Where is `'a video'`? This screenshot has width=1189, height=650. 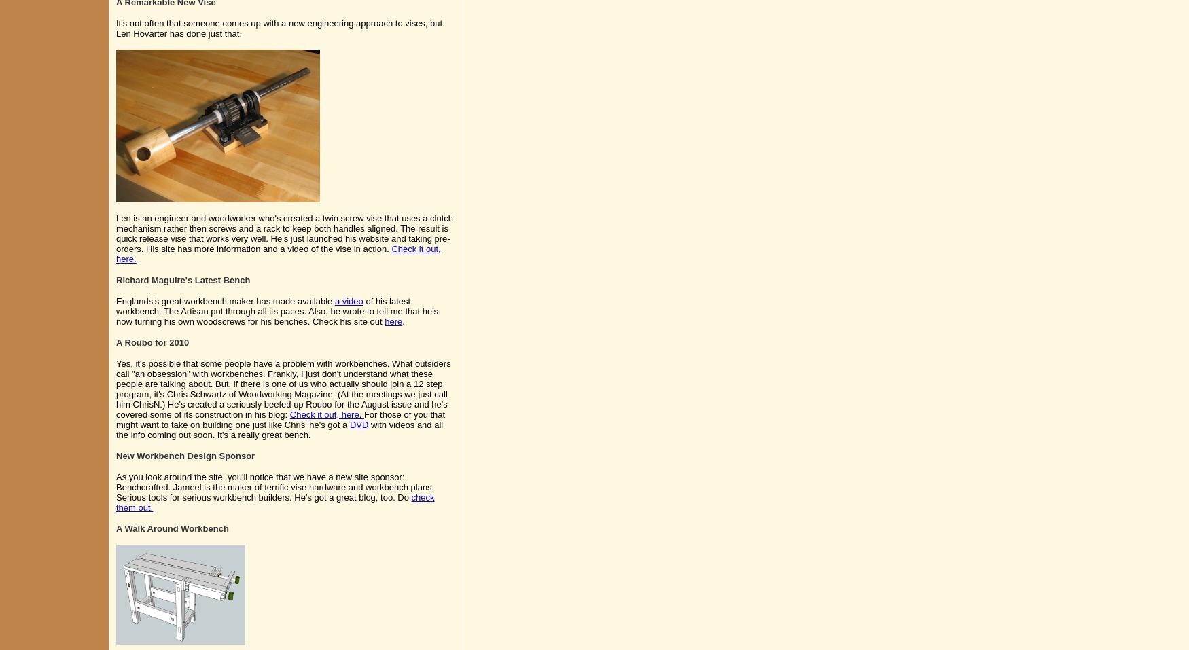 'a video' is located at coordinates (334, 300).